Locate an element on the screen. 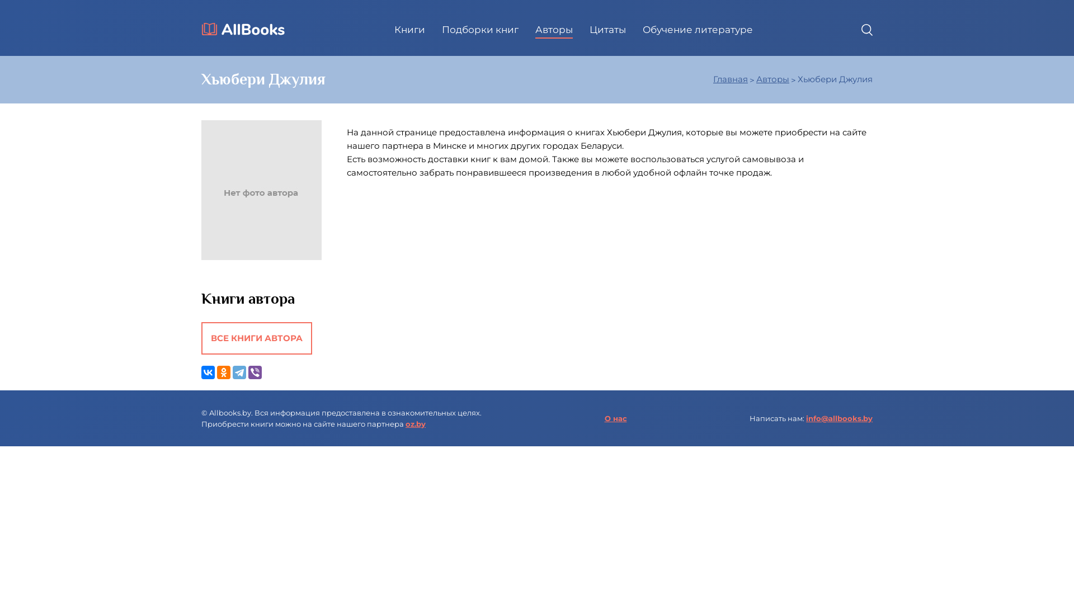 The width and height of the screenshot is (1074, 604). 'Telegram' is located at coordinates (238, 372).